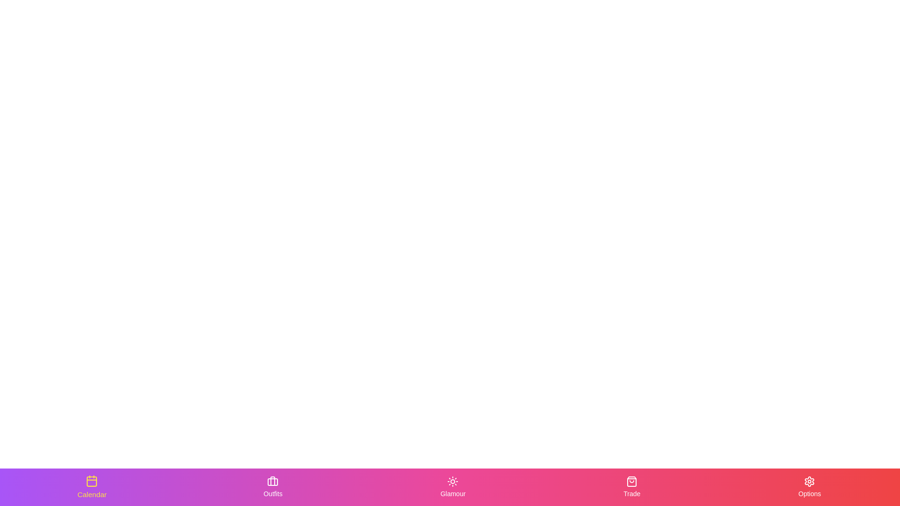 Image resolution: width=900 pixels, height=506 pixels. Describe the element at coordinates (452, 487) in the screenshot. I see `the Glamour tab to activate it` at that location.